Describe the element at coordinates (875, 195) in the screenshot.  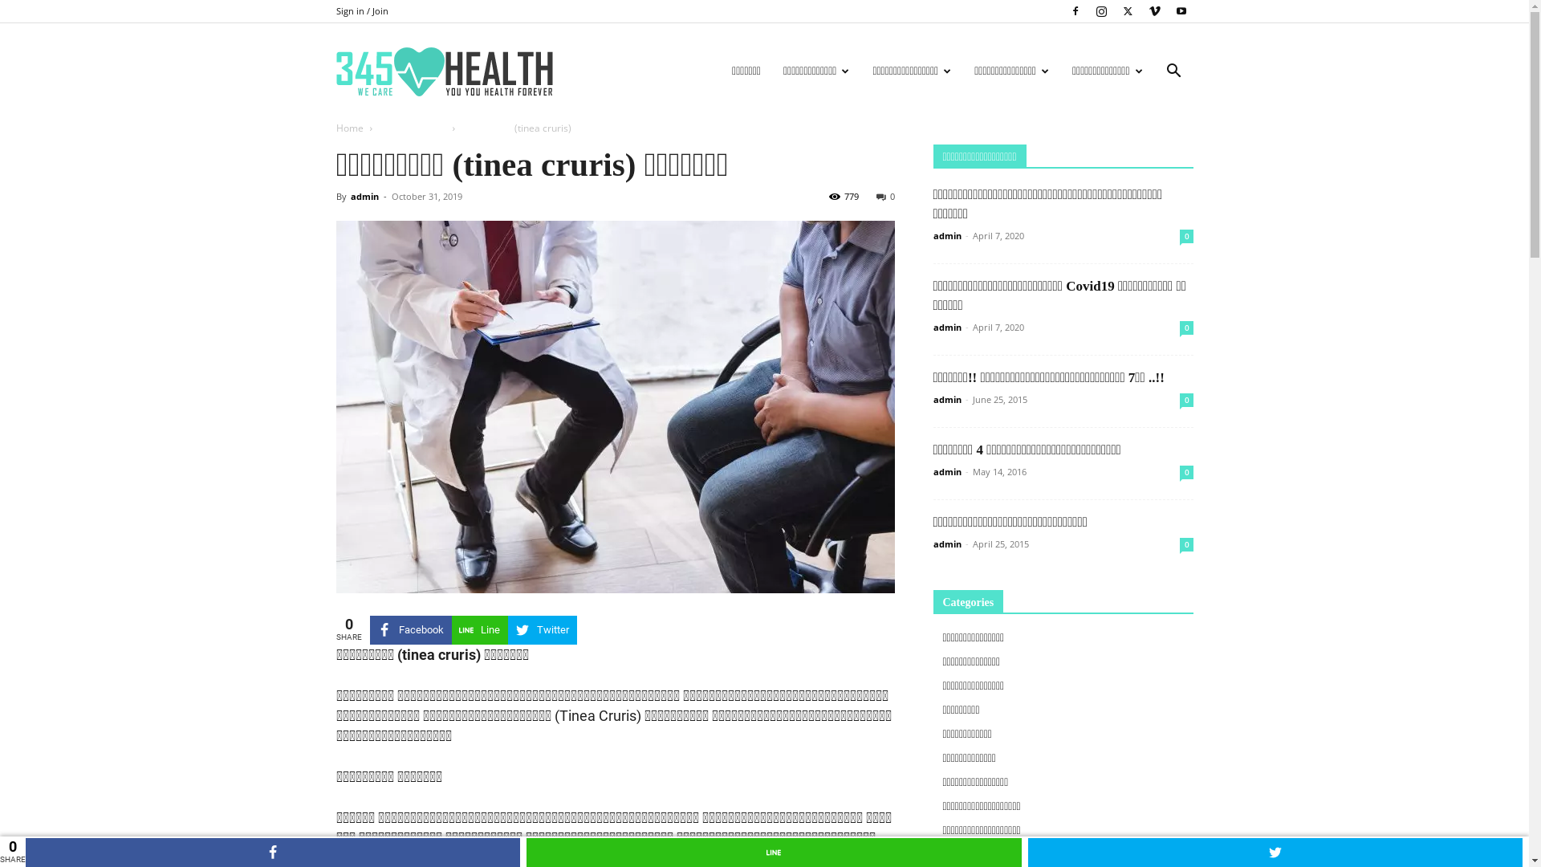
I see `'0'` at that location.